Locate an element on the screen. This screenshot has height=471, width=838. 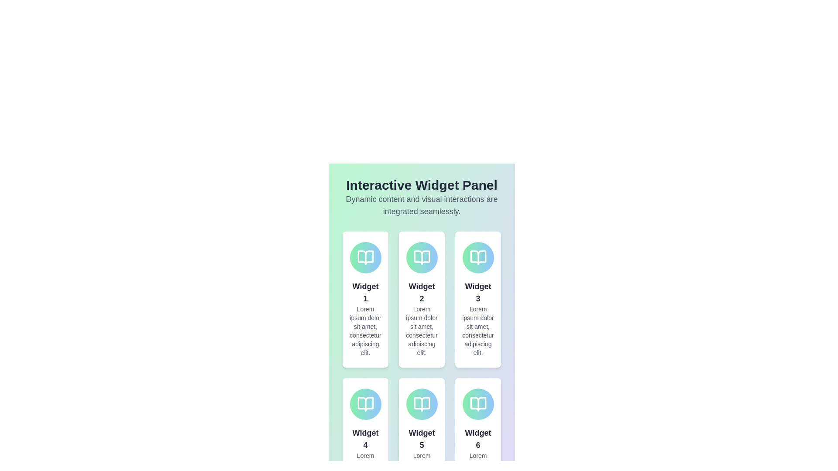
the Text label located in the lower section of the sixth card in the grid, which is positioned in the second row, last column is located at coordinates (477, 439).